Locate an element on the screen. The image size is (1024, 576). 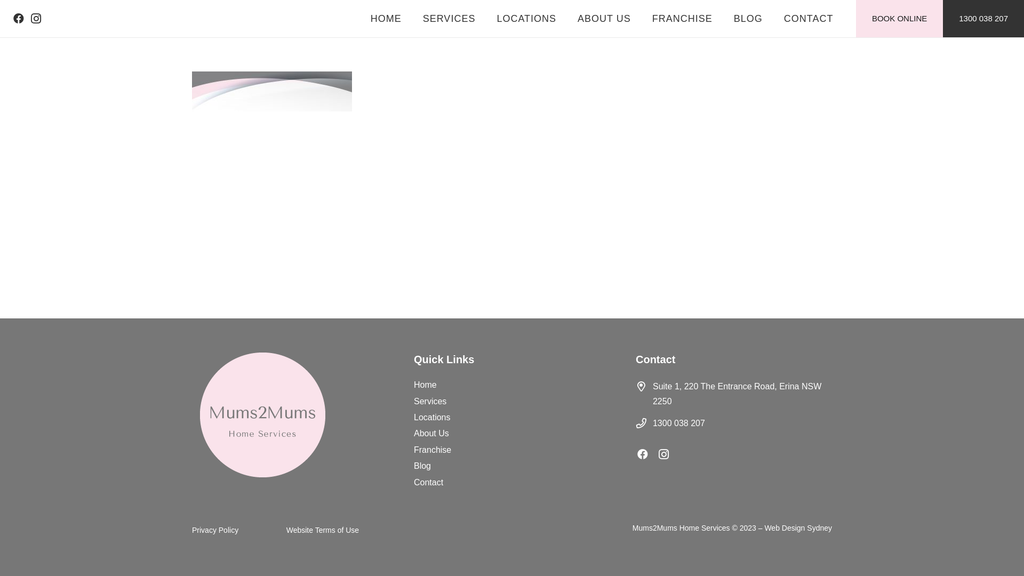
'Blog' is located at coordinates (422, 465).